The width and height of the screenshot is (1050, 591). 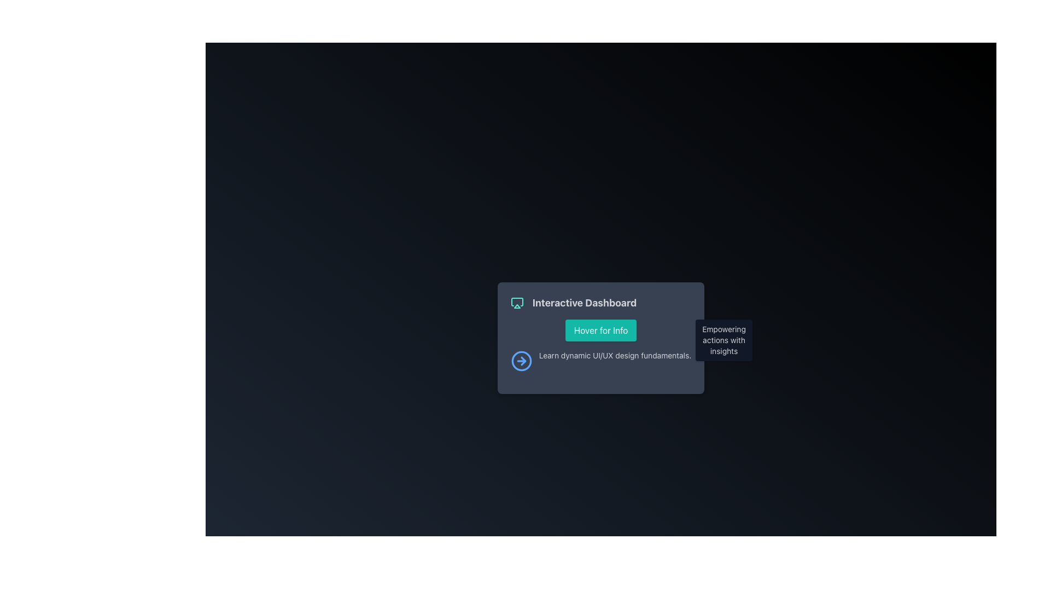 What do you see at coordinates (521, 361) in the screenshot?
I see `the circular graphic element located at the center of the outlined arrow icon within the dark-themed user dialog box` at bounding box center [521, 361].